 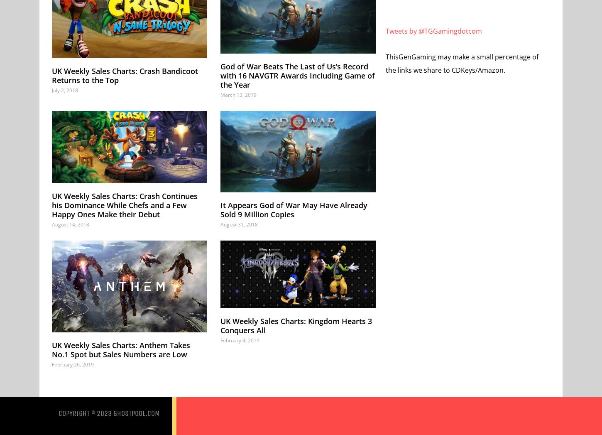 What do you see at coordinates (220, 209) in the screenshot?
I see `'It Appears God of War May Have Already Sold 9 Million Copies'` at bounding box center [220, 209].